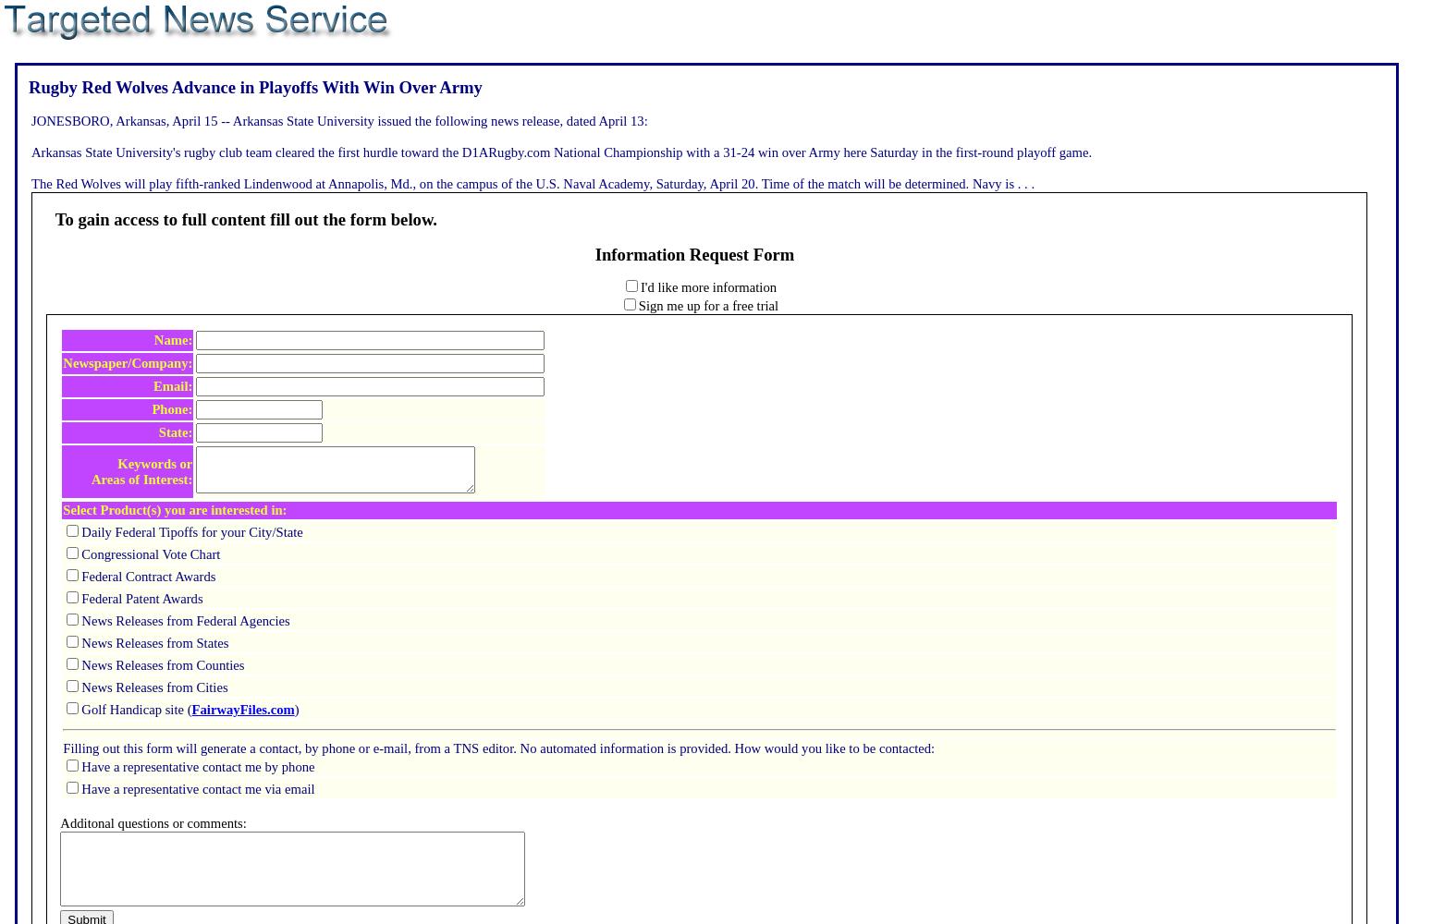 The image size is (1433, 924). Describe the element at coordinates (245, 217) in the screenshot. I see `'To gain access to full content fill out the form below.'` at that location.